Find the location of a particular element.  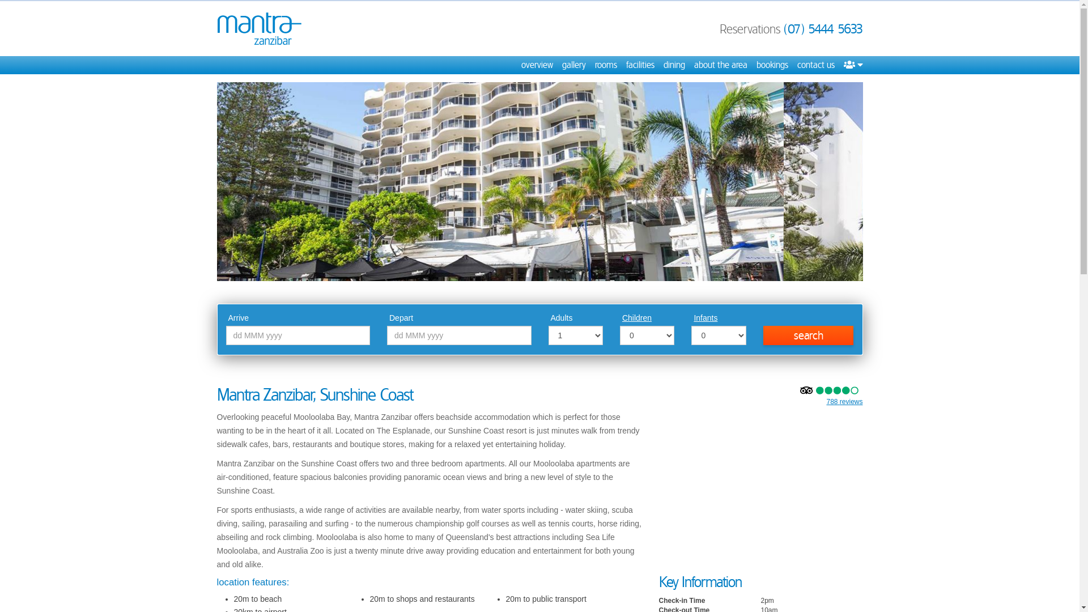

'overview' is located at coordinates (521, 65).